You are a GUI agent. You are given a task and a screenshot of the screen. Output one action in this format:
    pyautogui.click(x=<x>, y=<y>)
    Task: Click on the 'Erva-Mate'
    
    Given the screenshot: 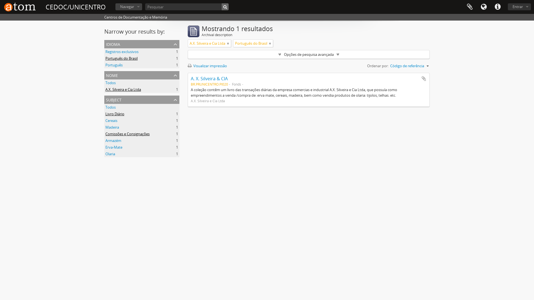 What is the action you would take?
    pyautogui.click(x=113, y=147)
    